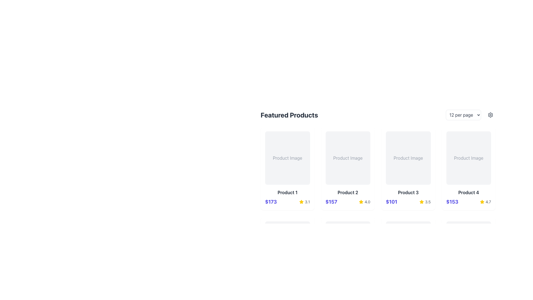  What do you see at coordinates (485, 202) in the screenshot?
I see `the rating display element, which consists of a filled yellow star icon and the numeric value '4.7' in gray text, located in the last product card of the fourth column` at bounding box center [485, 202].